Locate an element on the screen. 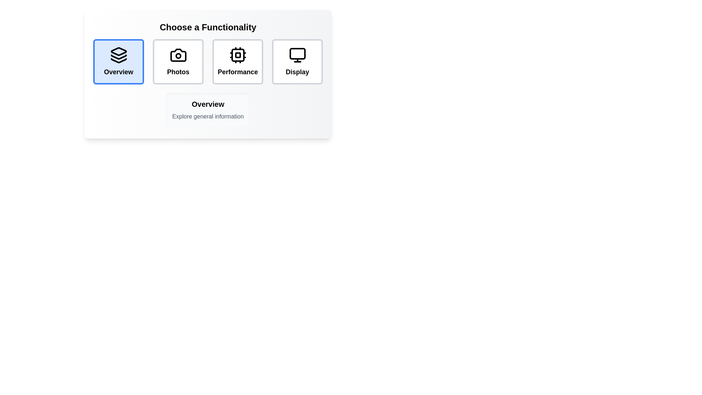  the CPU icon, which is located within the 'Performance' button is located at coordinates (238, 54).